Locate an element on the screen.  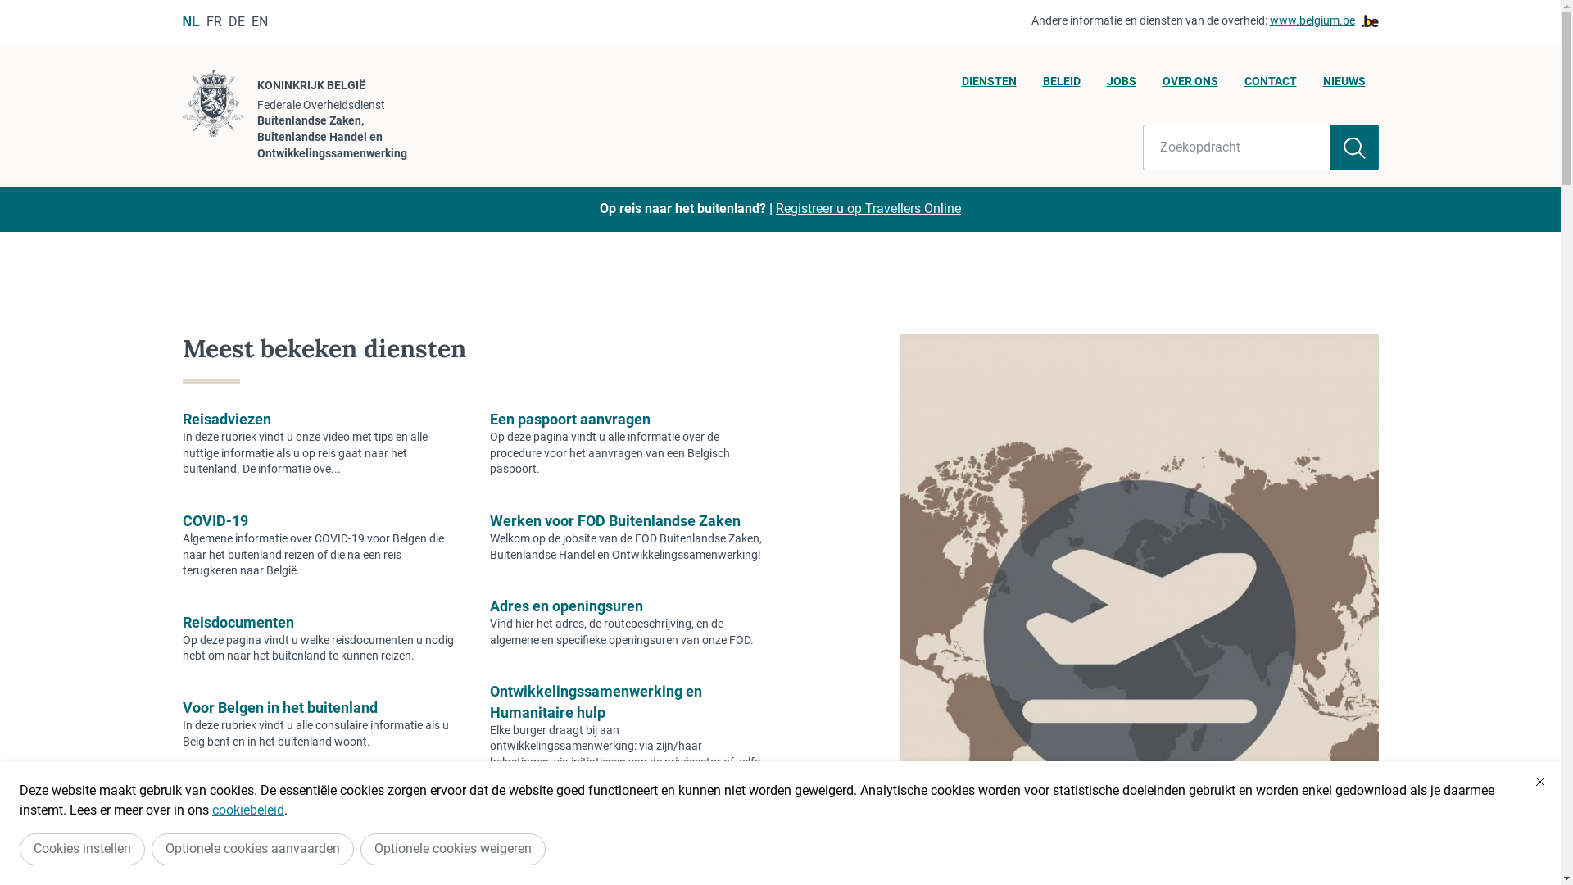
'FR' is located at coordinates (213, 21).